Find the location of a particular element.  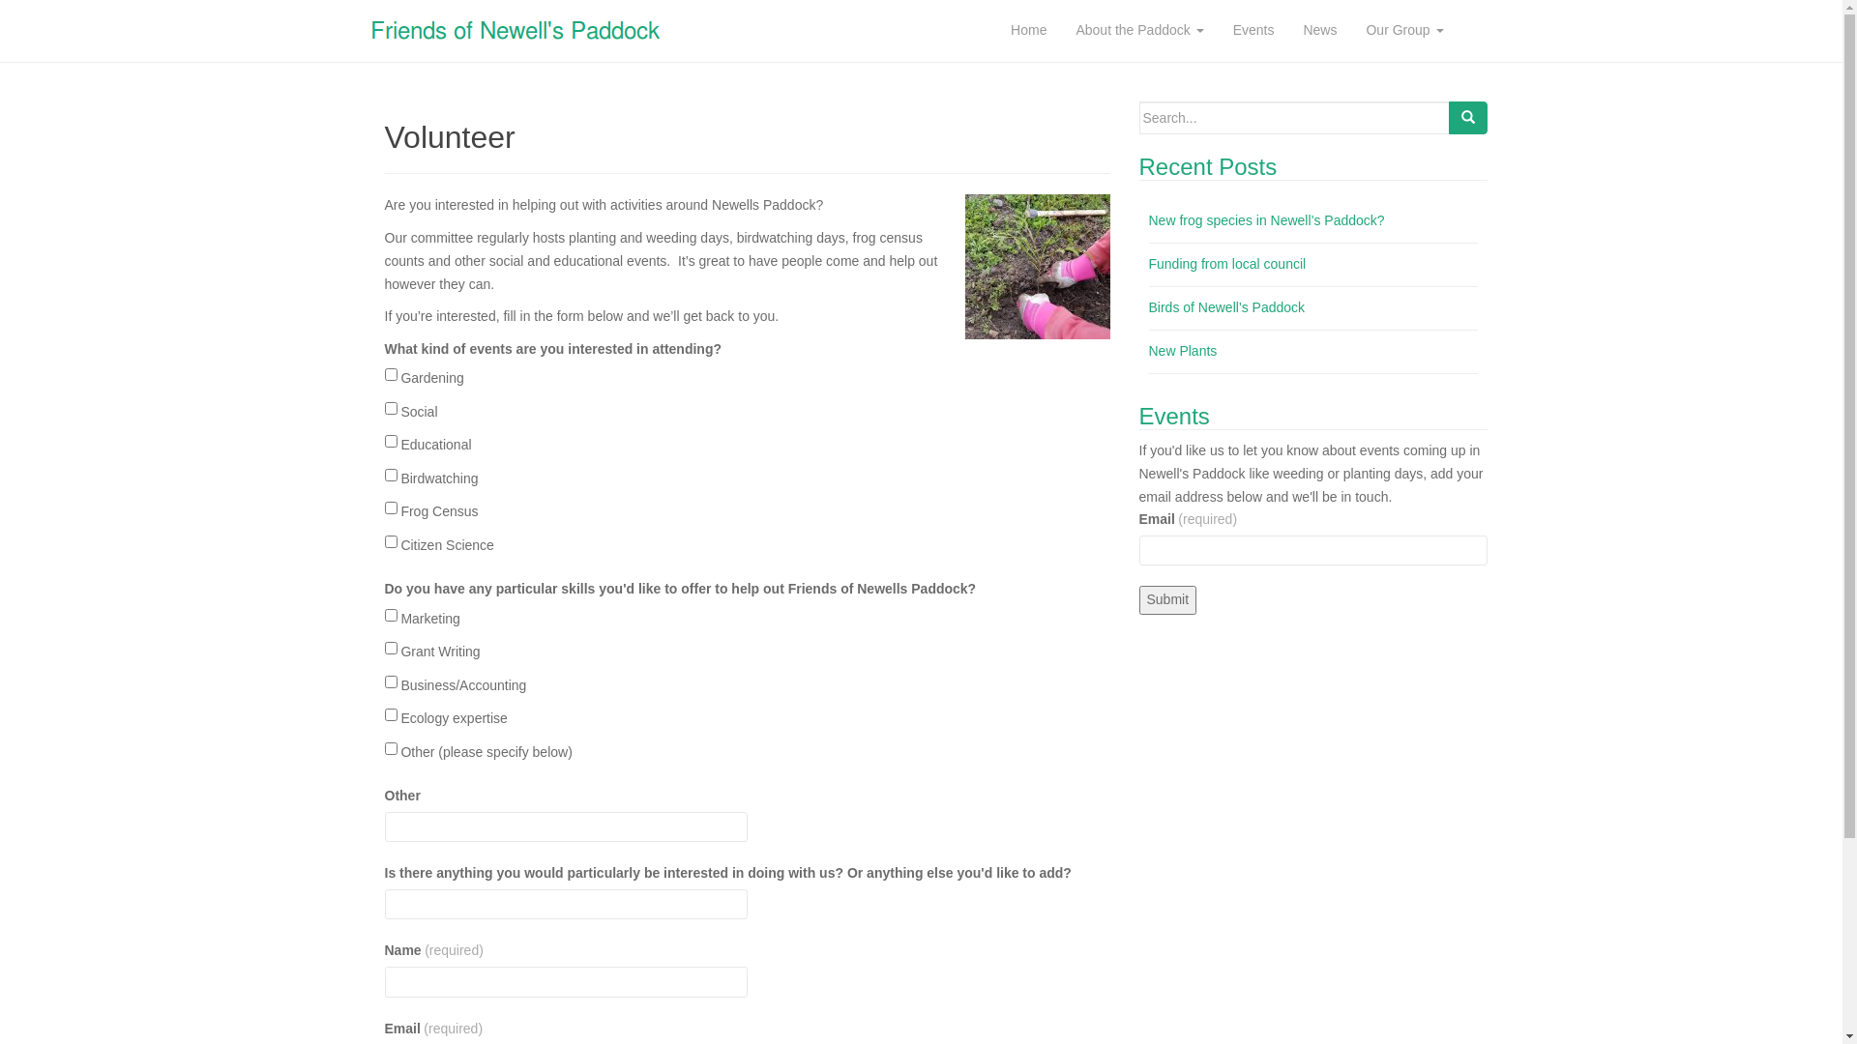

'Funding from local council' is located at coordinates (1226, 264).